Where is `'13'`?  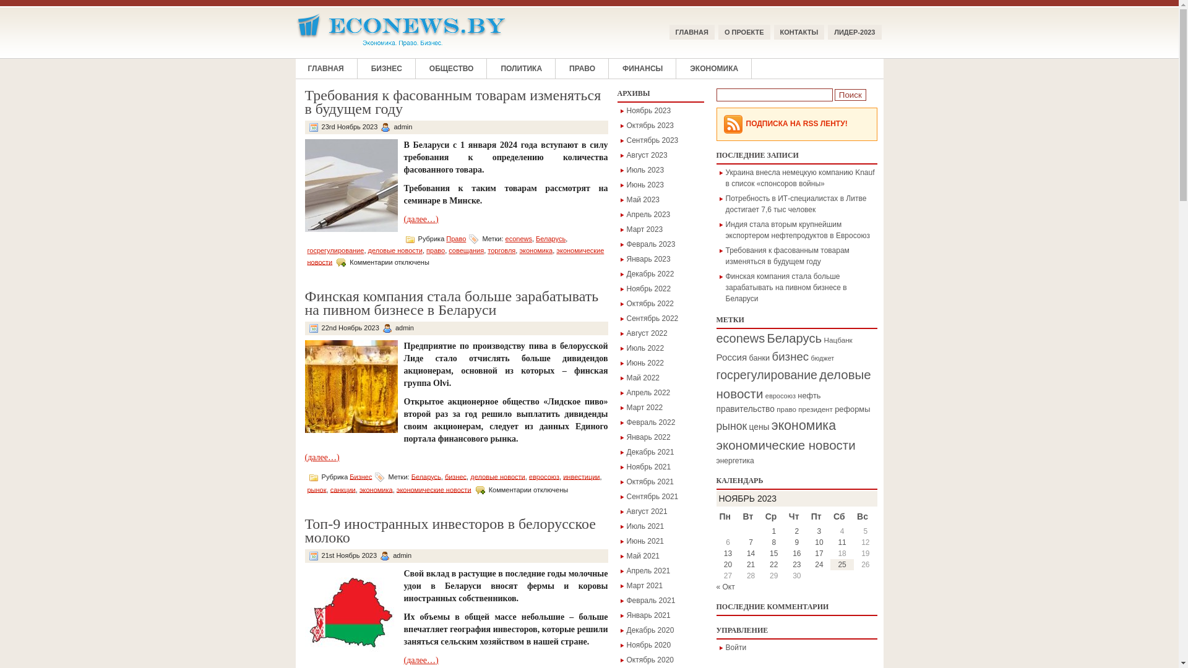
'13' is located at coordinates (728, 552).